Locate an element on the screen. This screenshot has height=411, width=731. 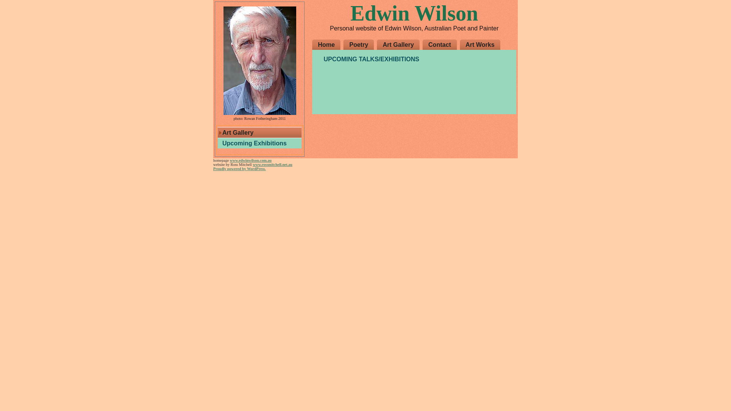
'Poetry' is located at coordinates (360, 45).